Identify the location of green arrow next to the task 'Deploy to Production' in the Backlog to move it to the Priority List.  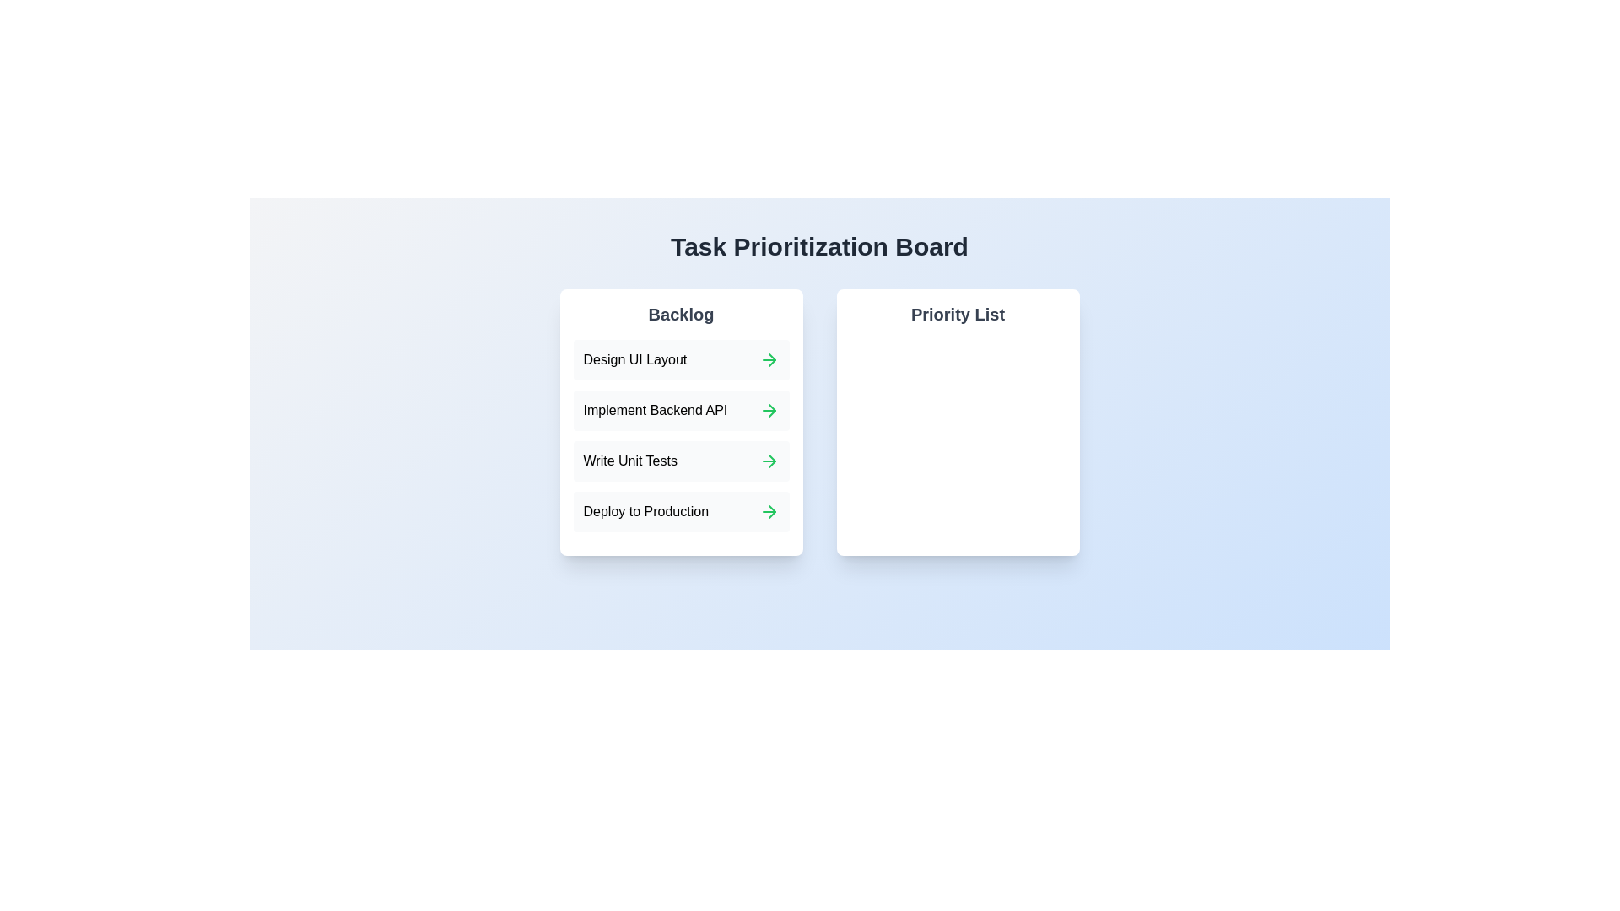
(768, 510).